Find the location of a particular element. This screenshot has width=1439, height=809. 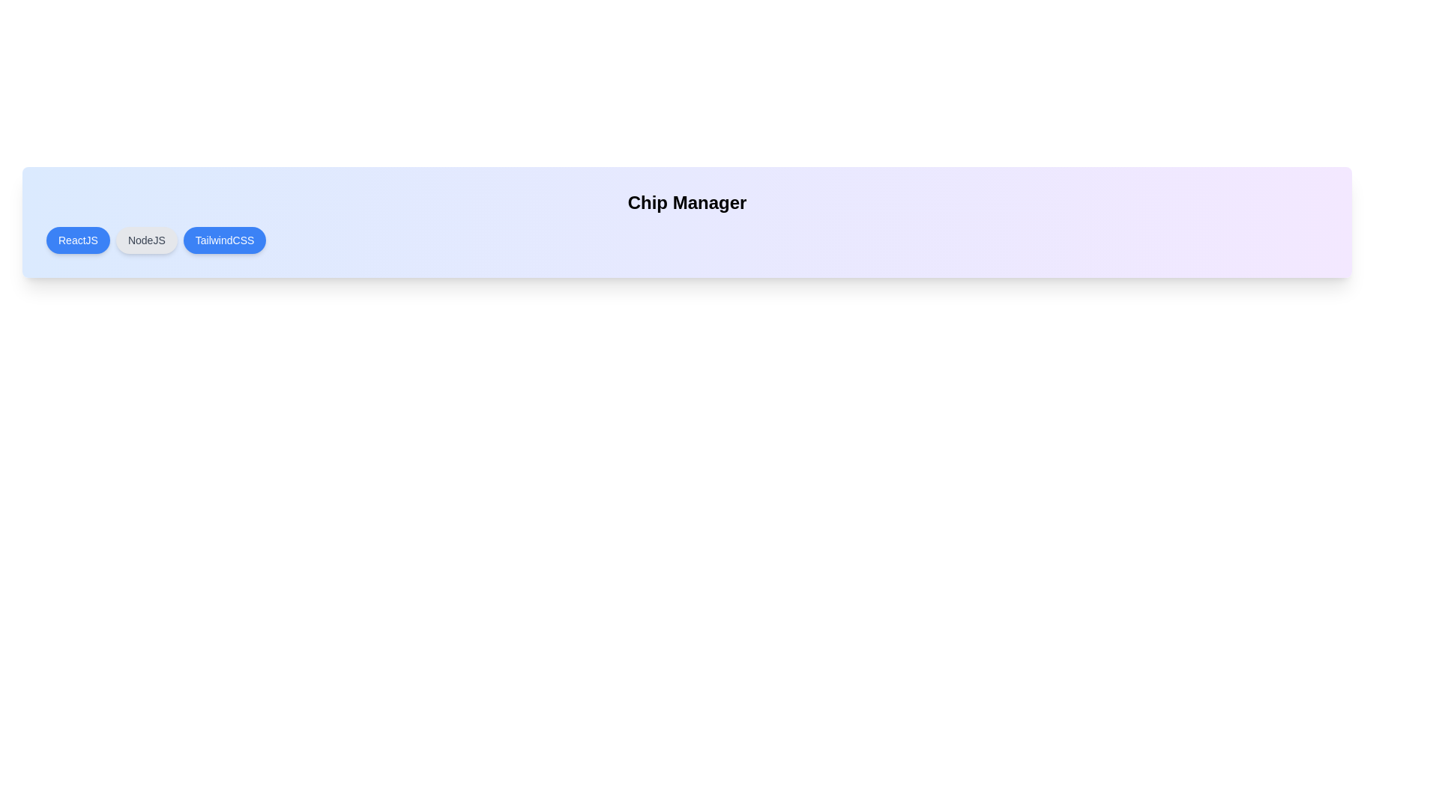

the chip labeled ReactJS is located at coordinates (77, 239).